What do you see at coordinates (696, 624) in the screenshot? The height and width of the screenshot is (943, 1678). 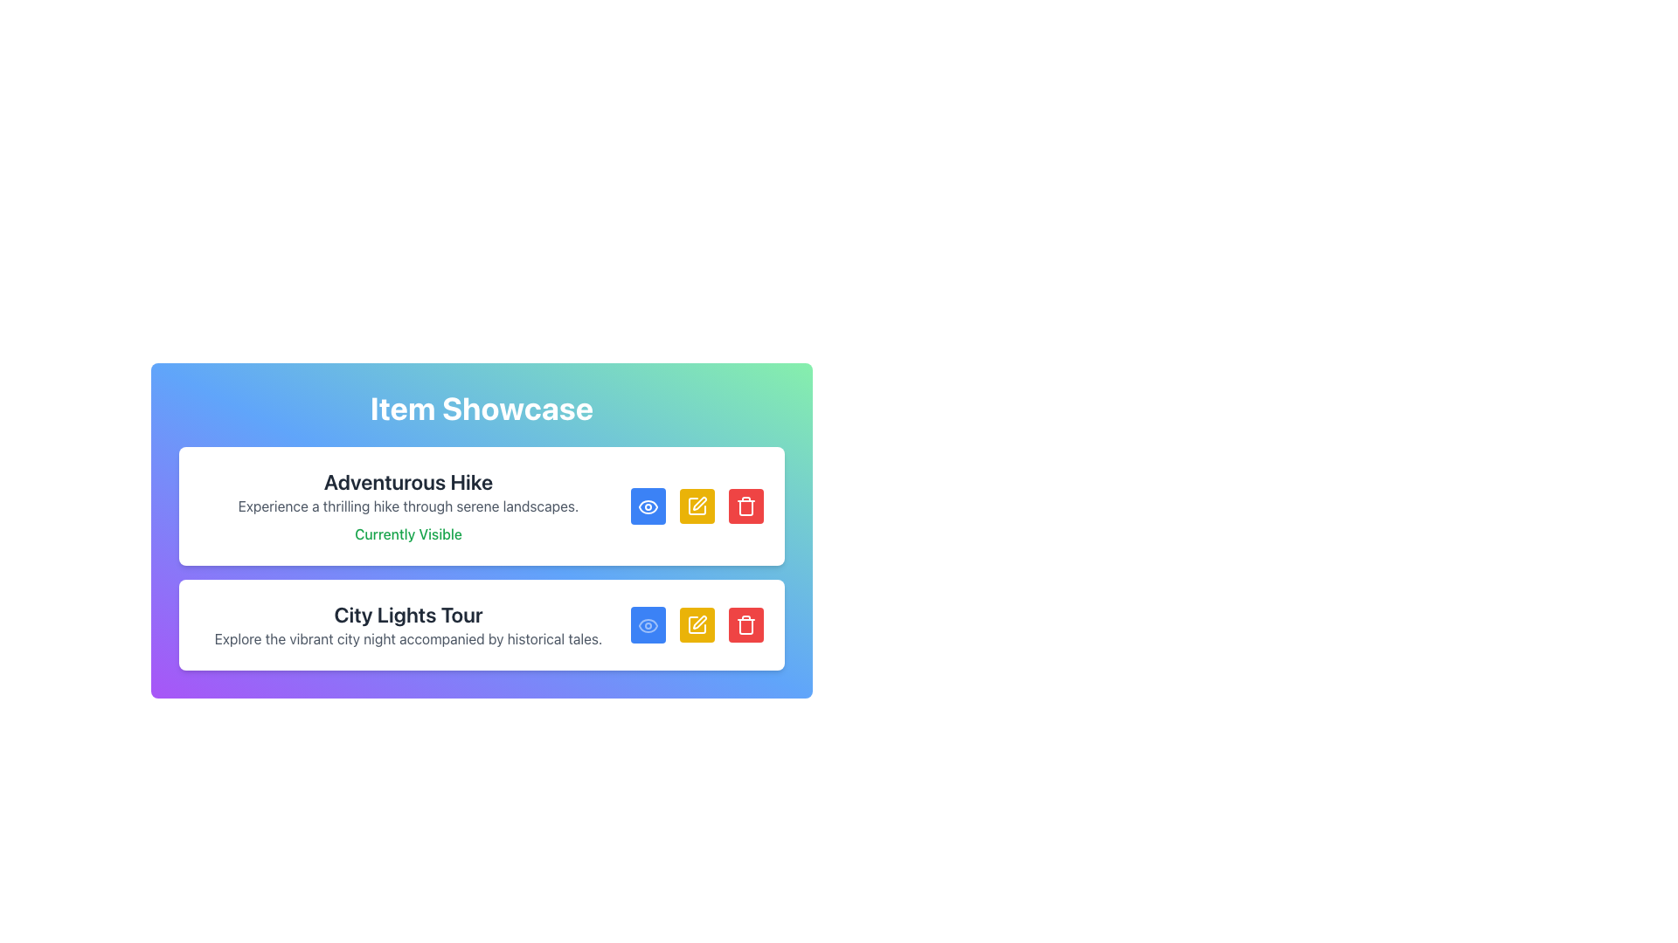 I see `the square button with a yellow background and white pen icon, which is the second button in the group of three on the right side of the 'City Lights Tour' card` at bounding box center [696, 624].